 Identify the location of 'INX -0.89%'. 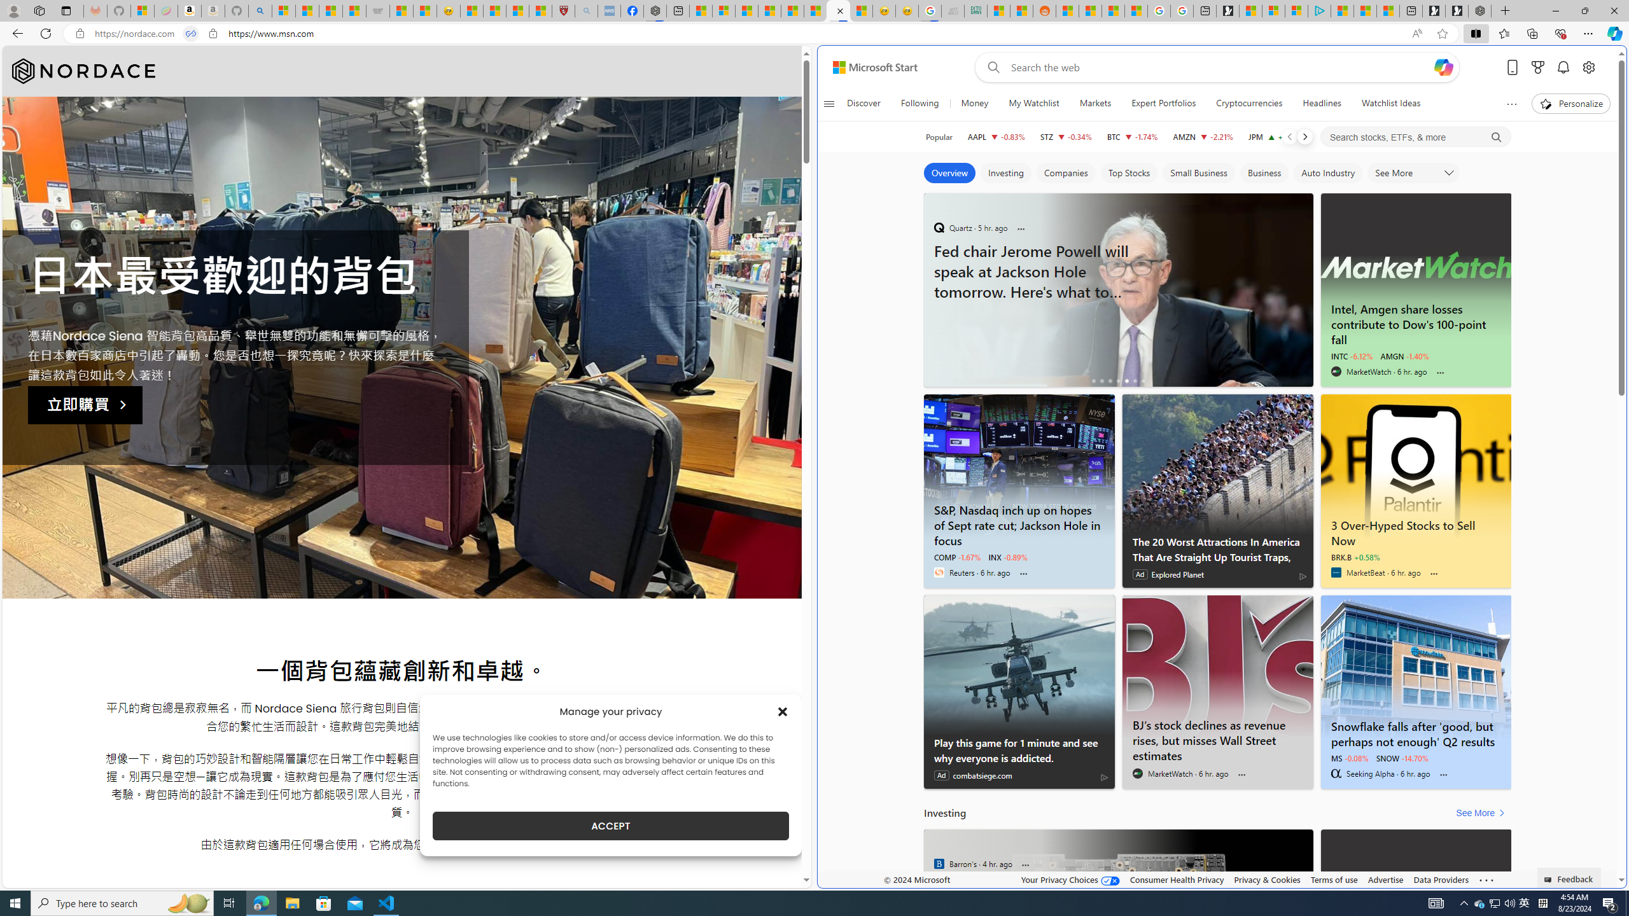
(1007, 557).